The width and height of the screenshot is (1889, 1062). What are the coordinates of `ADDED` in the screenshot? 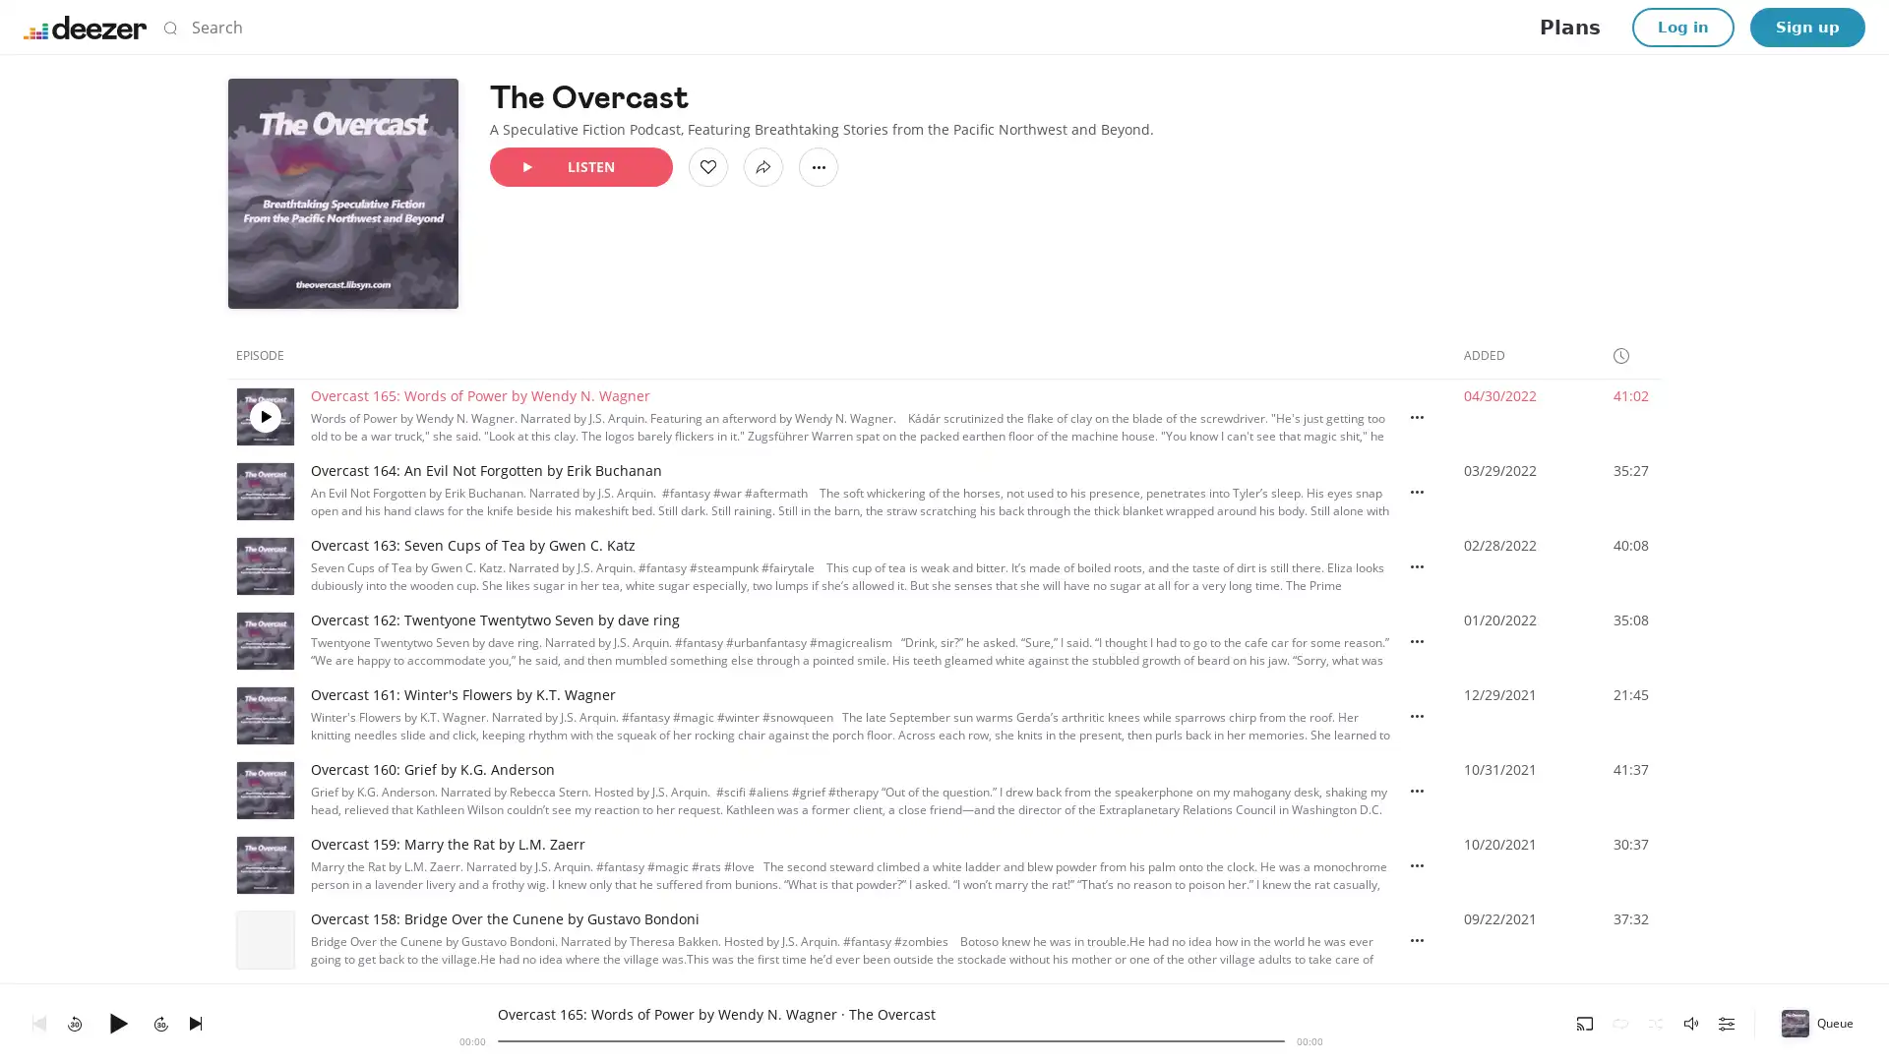 It's located at (1493, 355).